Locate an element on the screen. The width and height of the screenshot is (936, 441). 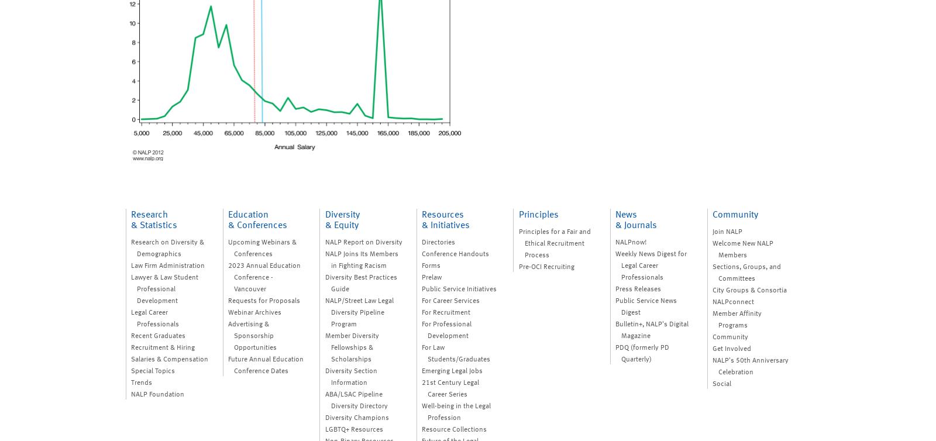
'NALP's 50th Anniversary Celebration' is located at coordinates (750, 364).